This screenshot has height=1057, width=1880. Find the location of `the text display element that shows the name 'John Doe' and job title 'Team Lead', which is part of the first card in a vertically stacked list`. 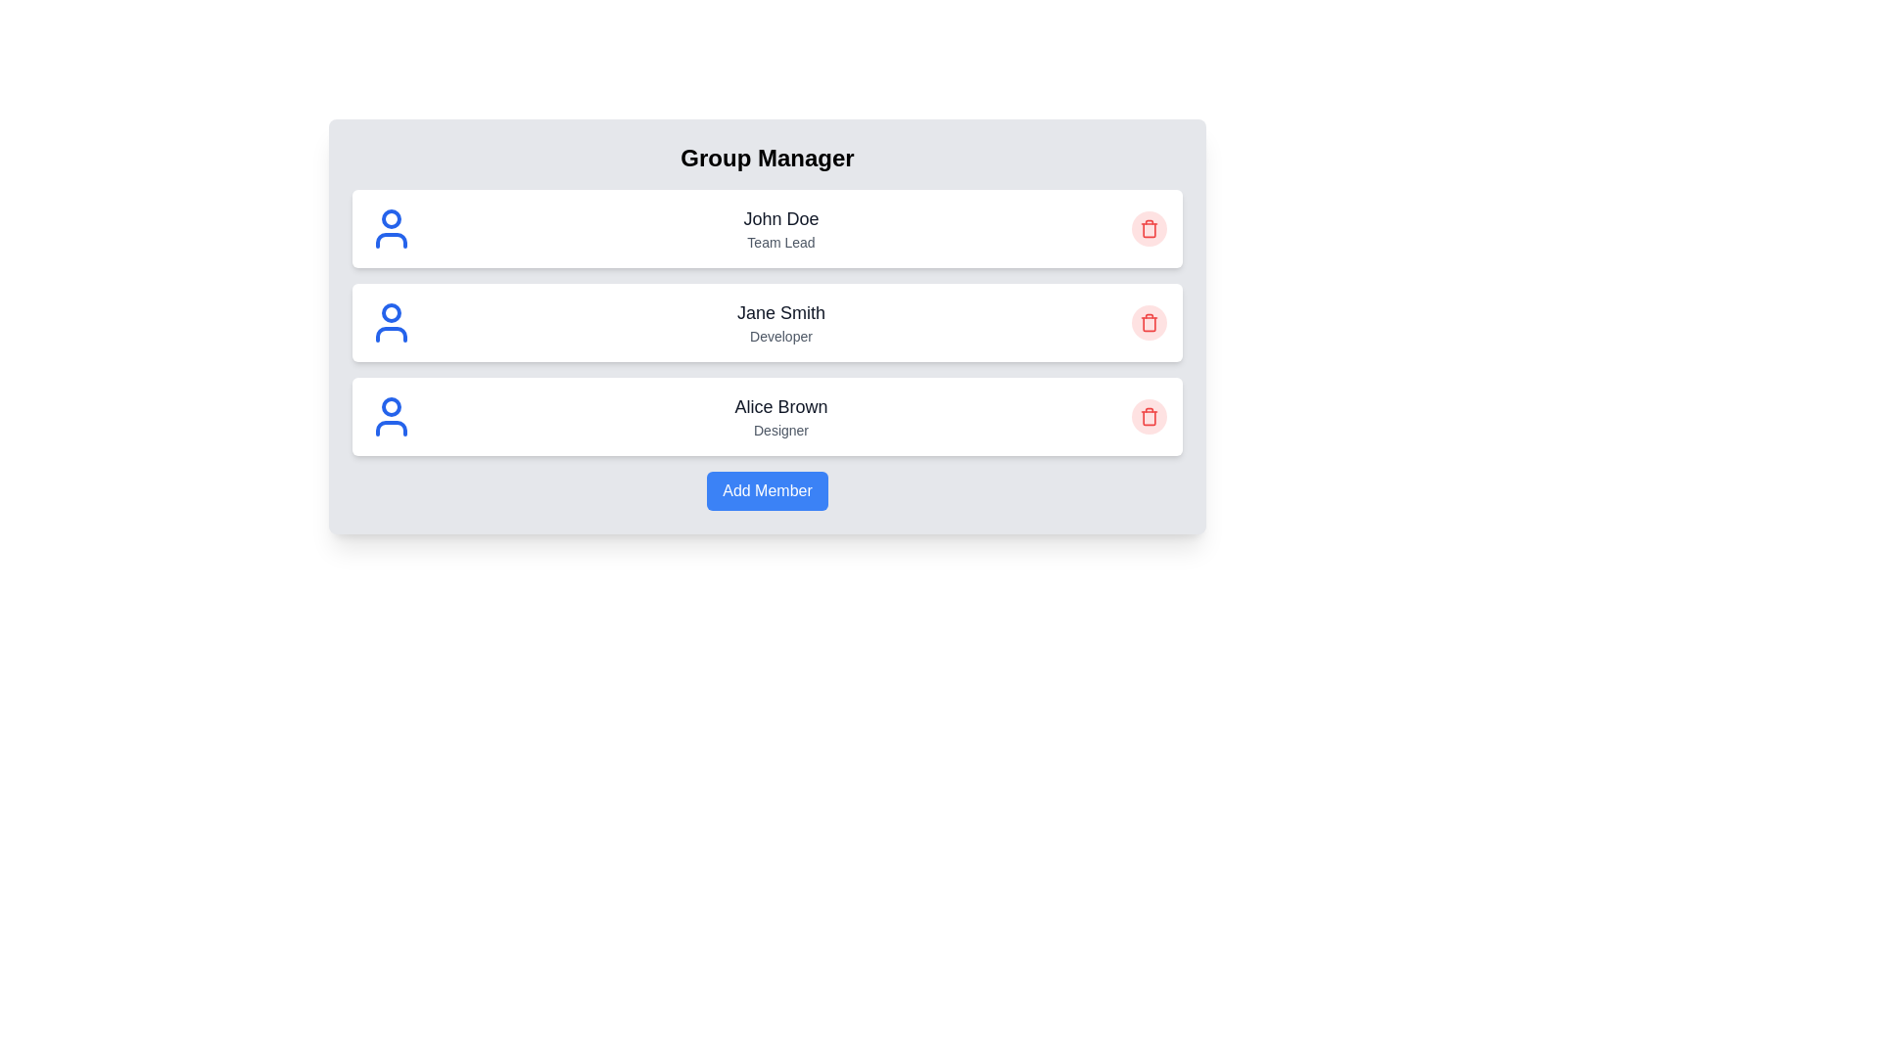

the text display element that shows the name 'John Doe' and job title 'Team Lead', which is part of the first card in a vertically stacked list is located at coordinates (779, 228).